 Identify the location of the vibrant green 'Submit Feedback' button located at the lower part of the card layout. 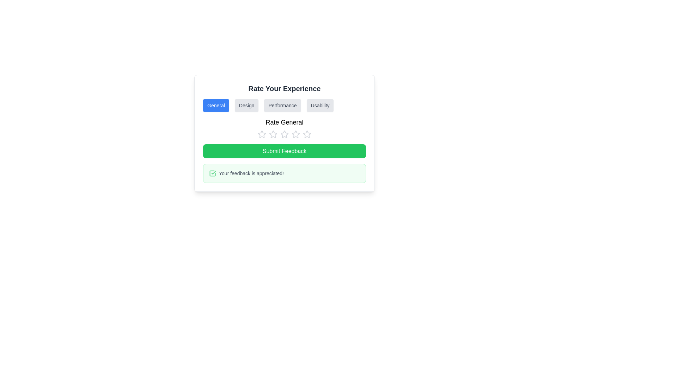
(284, 151).